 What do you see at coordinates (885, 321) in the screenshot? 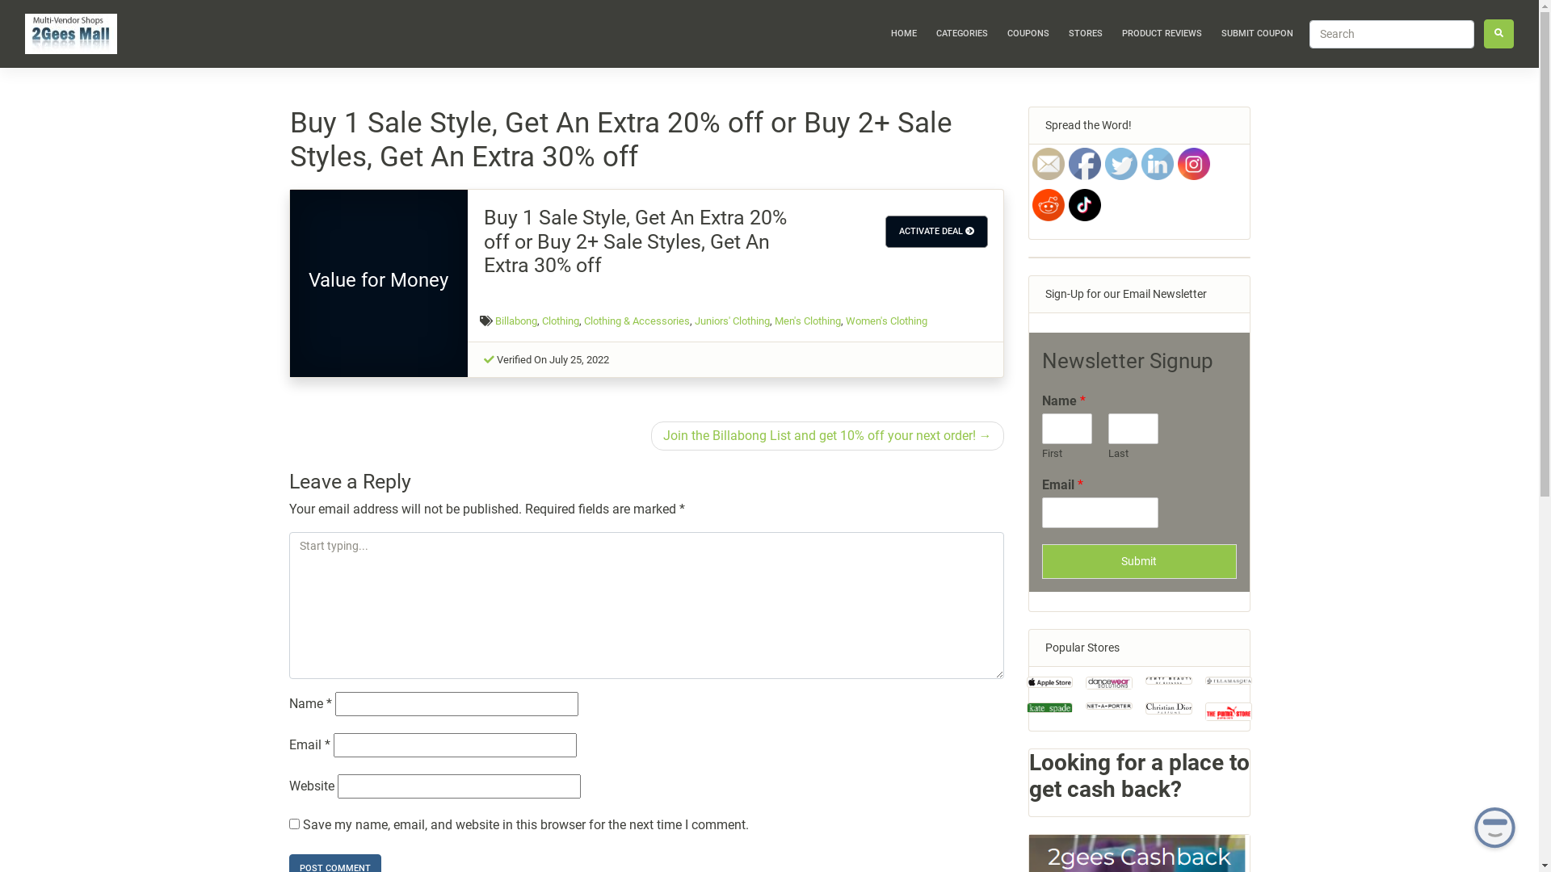
I see `'Women's Clothing'` at bounding box center [885, 321].